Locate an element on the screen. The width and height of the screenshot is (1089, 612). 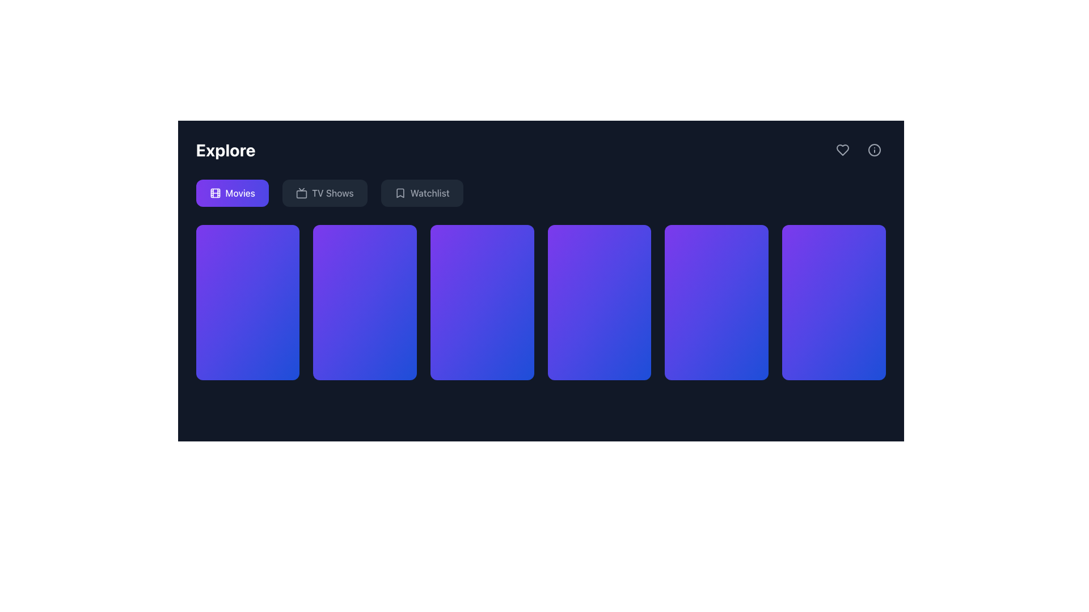
the third card from the right is located at coordinates (716, 301).